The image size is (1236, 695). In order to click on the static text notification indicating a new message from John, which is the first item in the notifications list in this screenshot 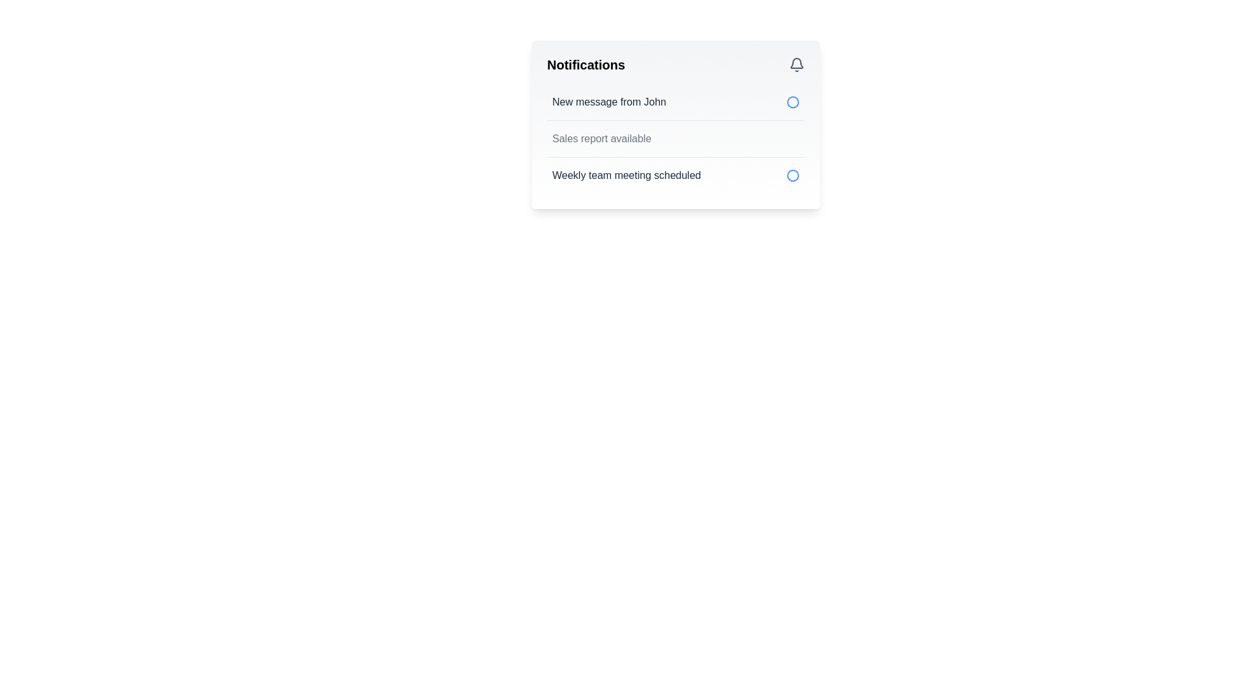, I will do `click(608, 101)`.